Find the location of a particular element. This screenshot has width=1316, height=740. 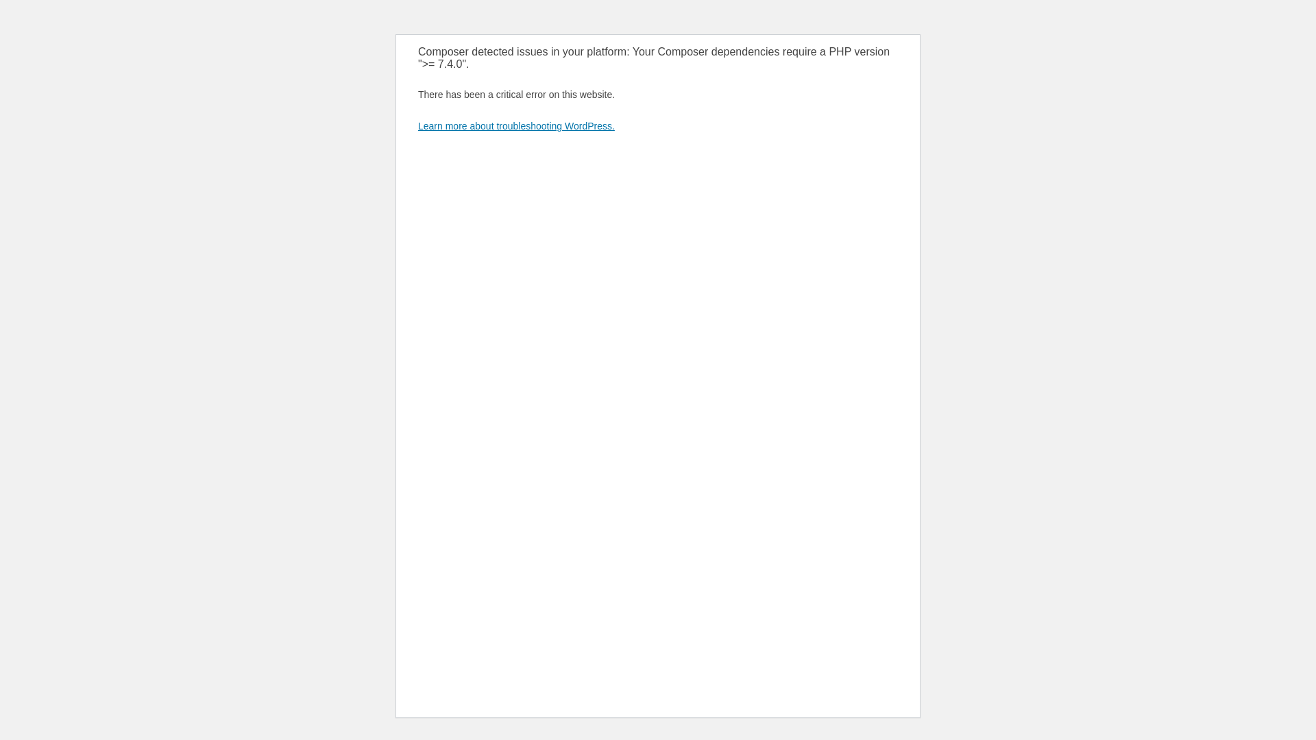

'Learn more about troubleshooting WordPress.' is located at coordinates (515, 126).